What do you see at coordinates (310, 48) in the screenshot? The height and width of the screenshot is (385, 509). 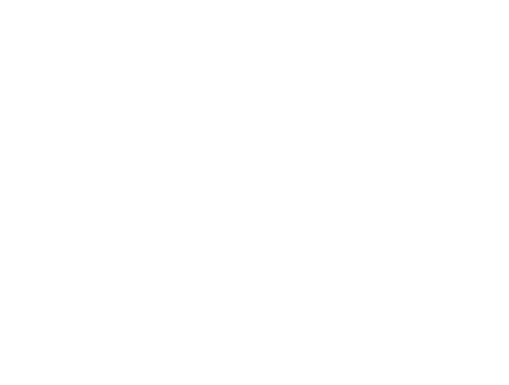 I see `'Kendon Trailer Replacement Center Rigid Caster (2003-Up)'` at bounding box center [310, 48].